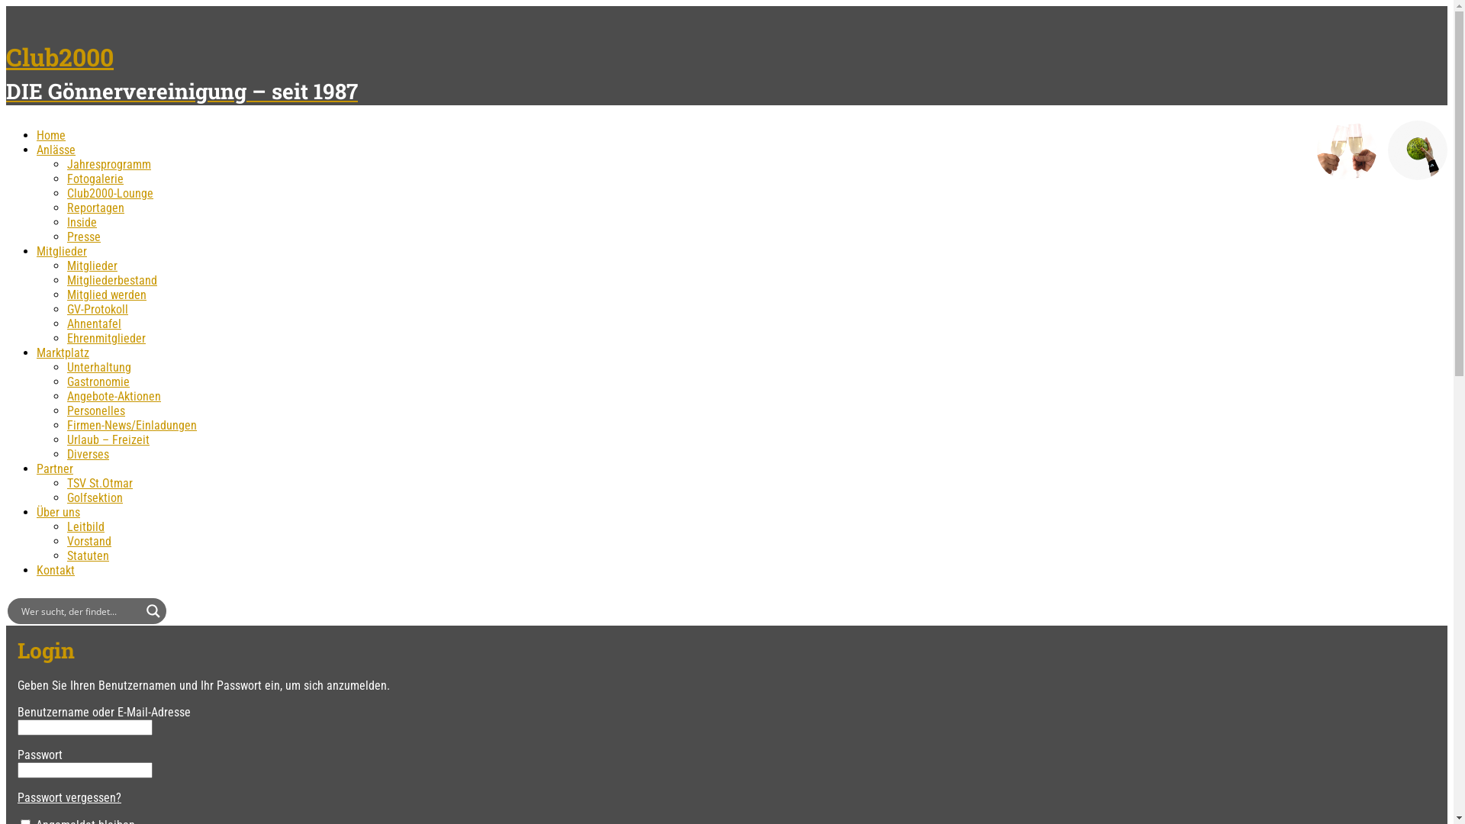  What do you see at coordinates (113, 395) in the screenshot?
I see `'Angebote-Aktionen'` at bounding box center [113, 395].